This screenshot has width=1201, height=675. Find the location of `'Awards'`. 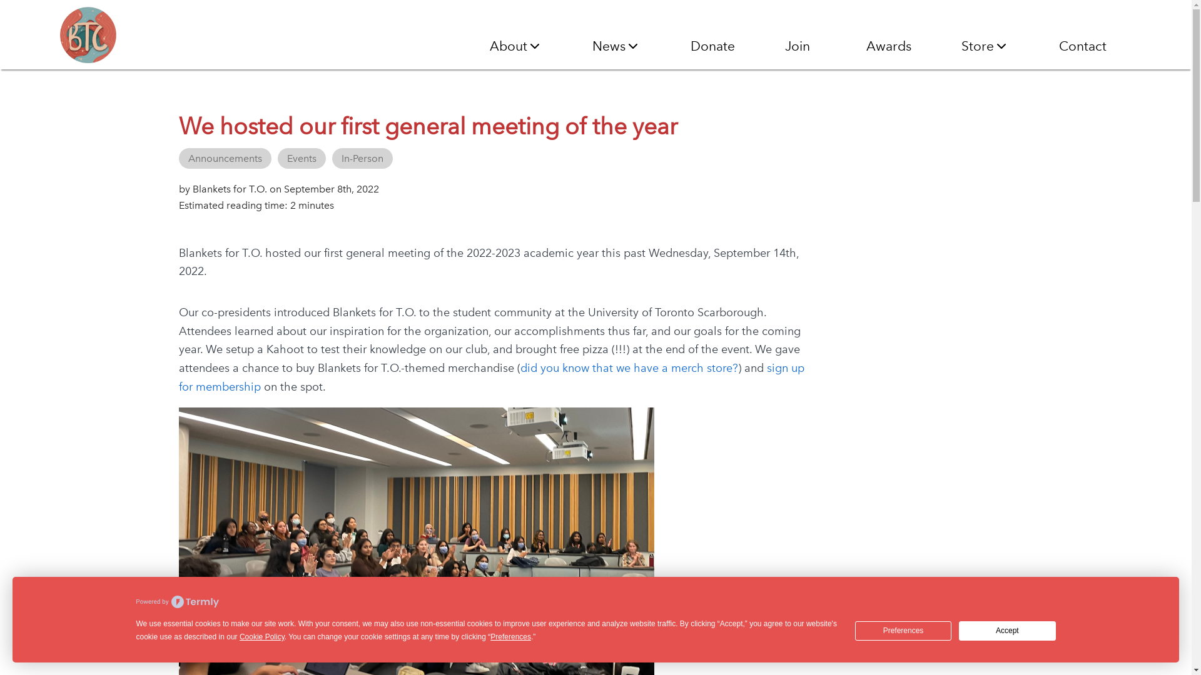

'Awards' is located at coordinates (888, 45).